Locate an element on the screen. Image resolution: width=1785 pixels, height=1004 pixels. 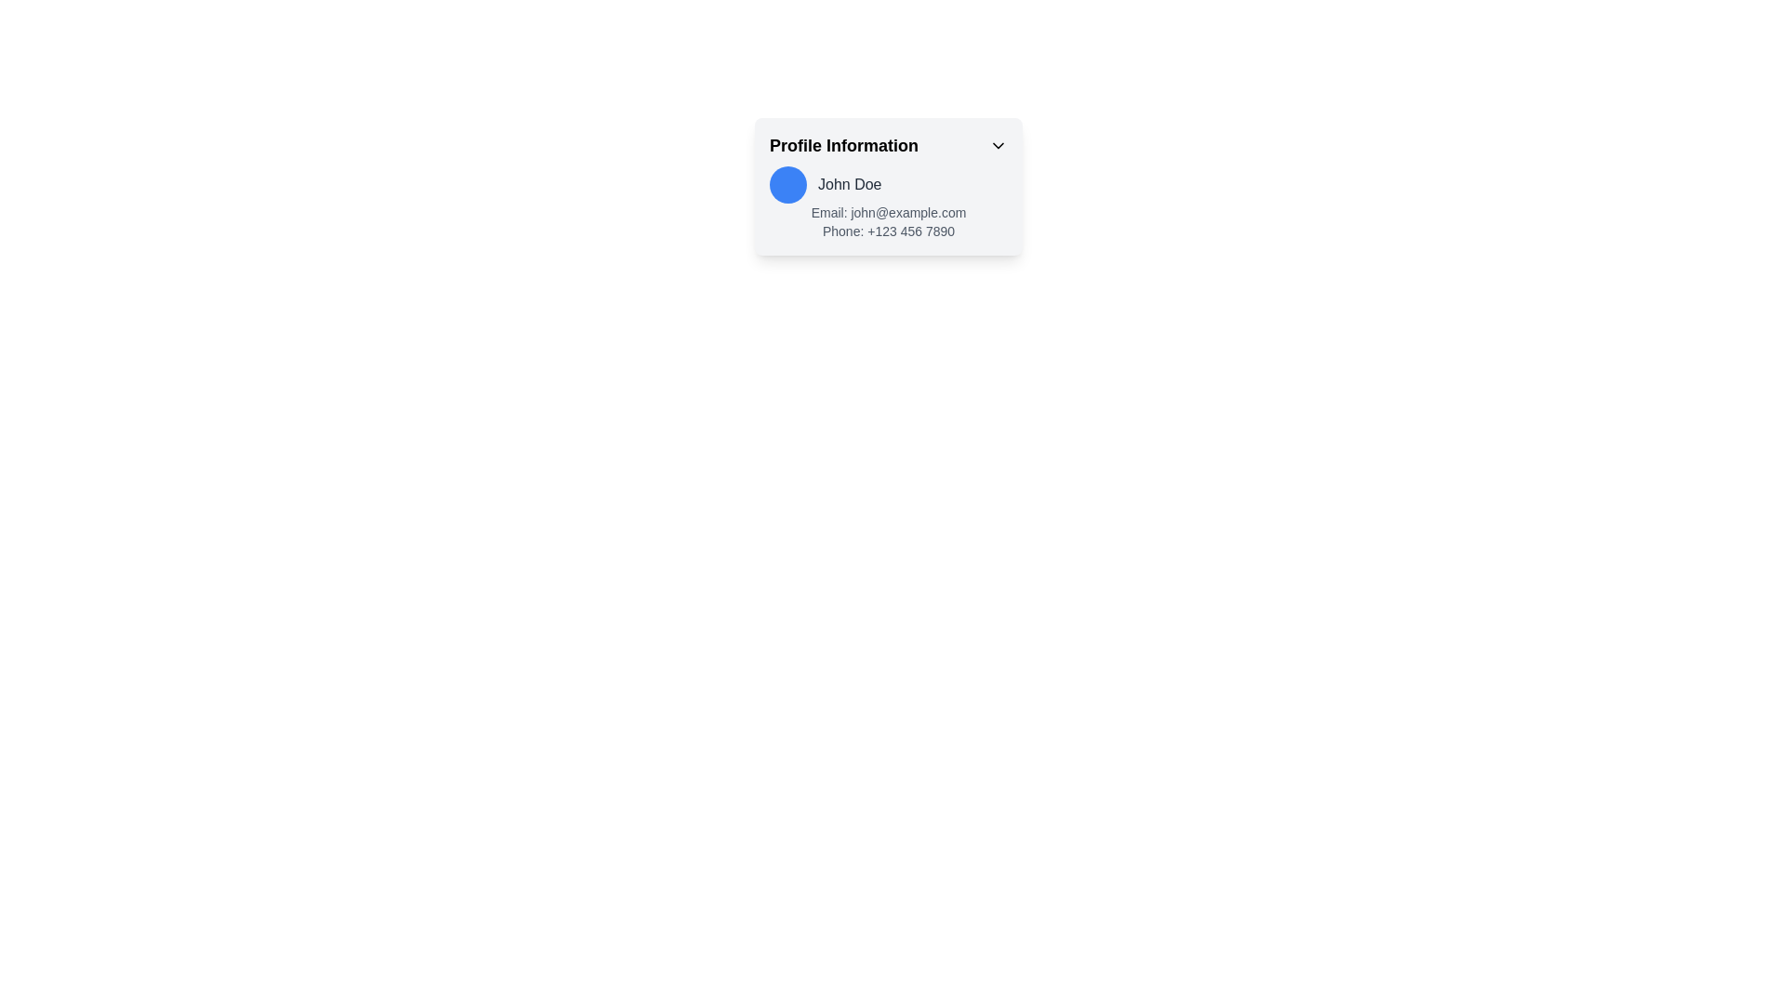
the Text Display Section that contains the username 'John Doe', email 'john@example.com', and phone number '+123 456 7890', located beneath the 'Profile Information' header is located at coordinates (887, 204).